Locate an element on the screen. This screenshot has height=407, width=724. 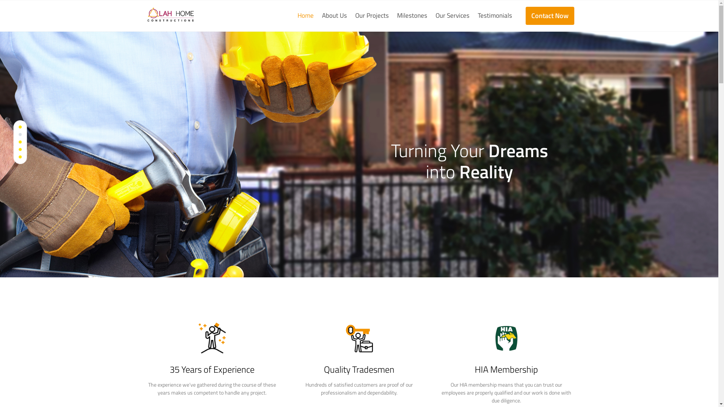
'Home' is located at coordinates (307, 16).